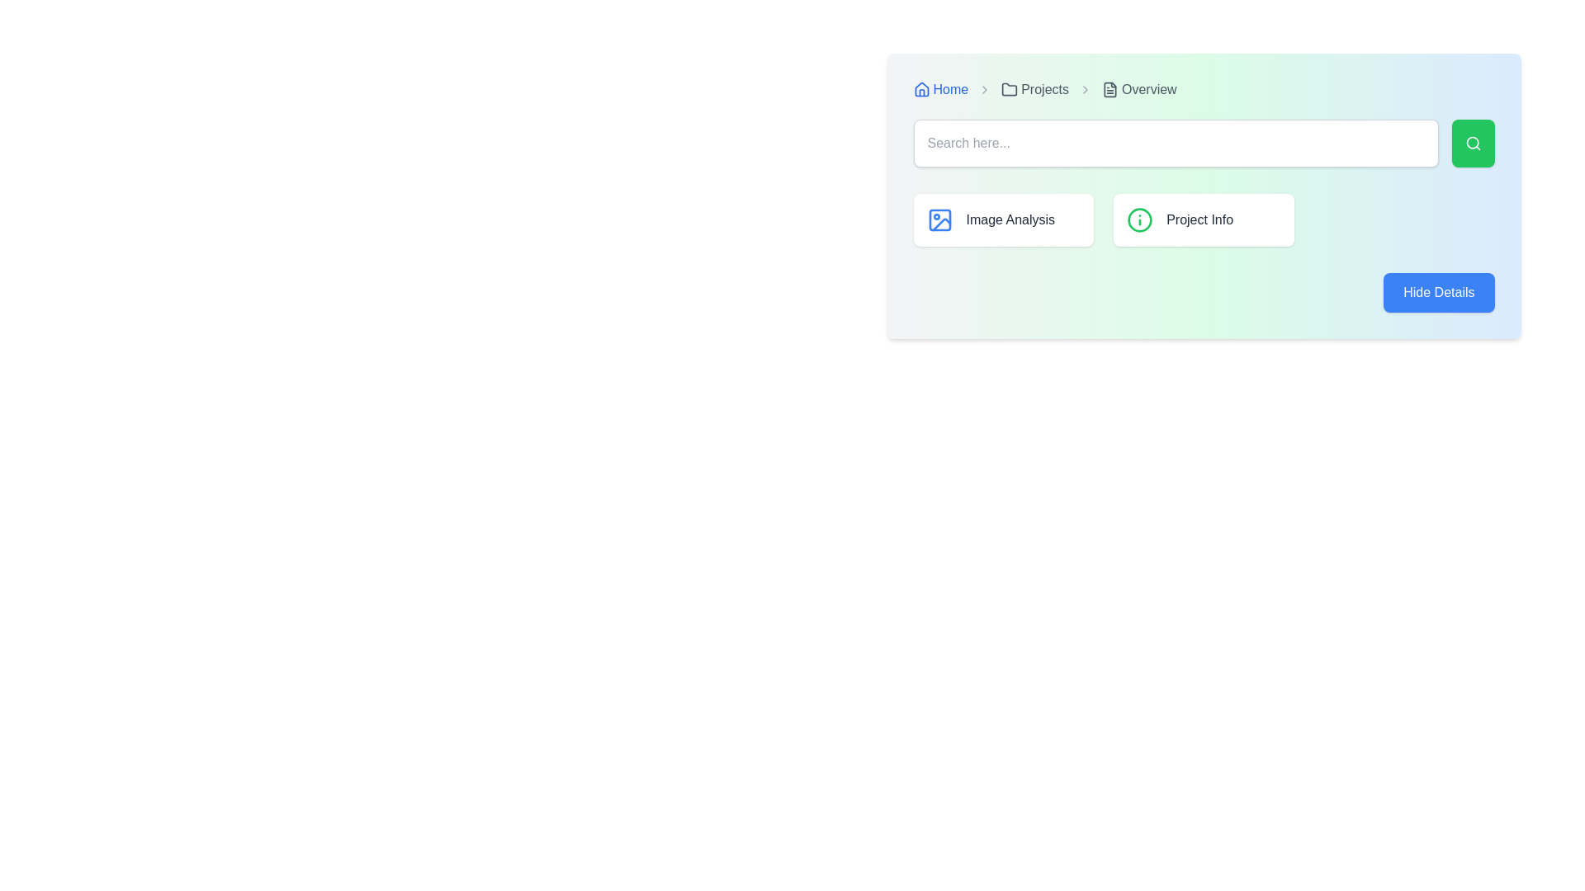 The width and height of the screenshot is (1585, 891). Describe the element at coordinates (1473, 142) in the screenshot. I see `the search button located to the right of the text input field labeled 'Search here...' to change its background color` at that location.